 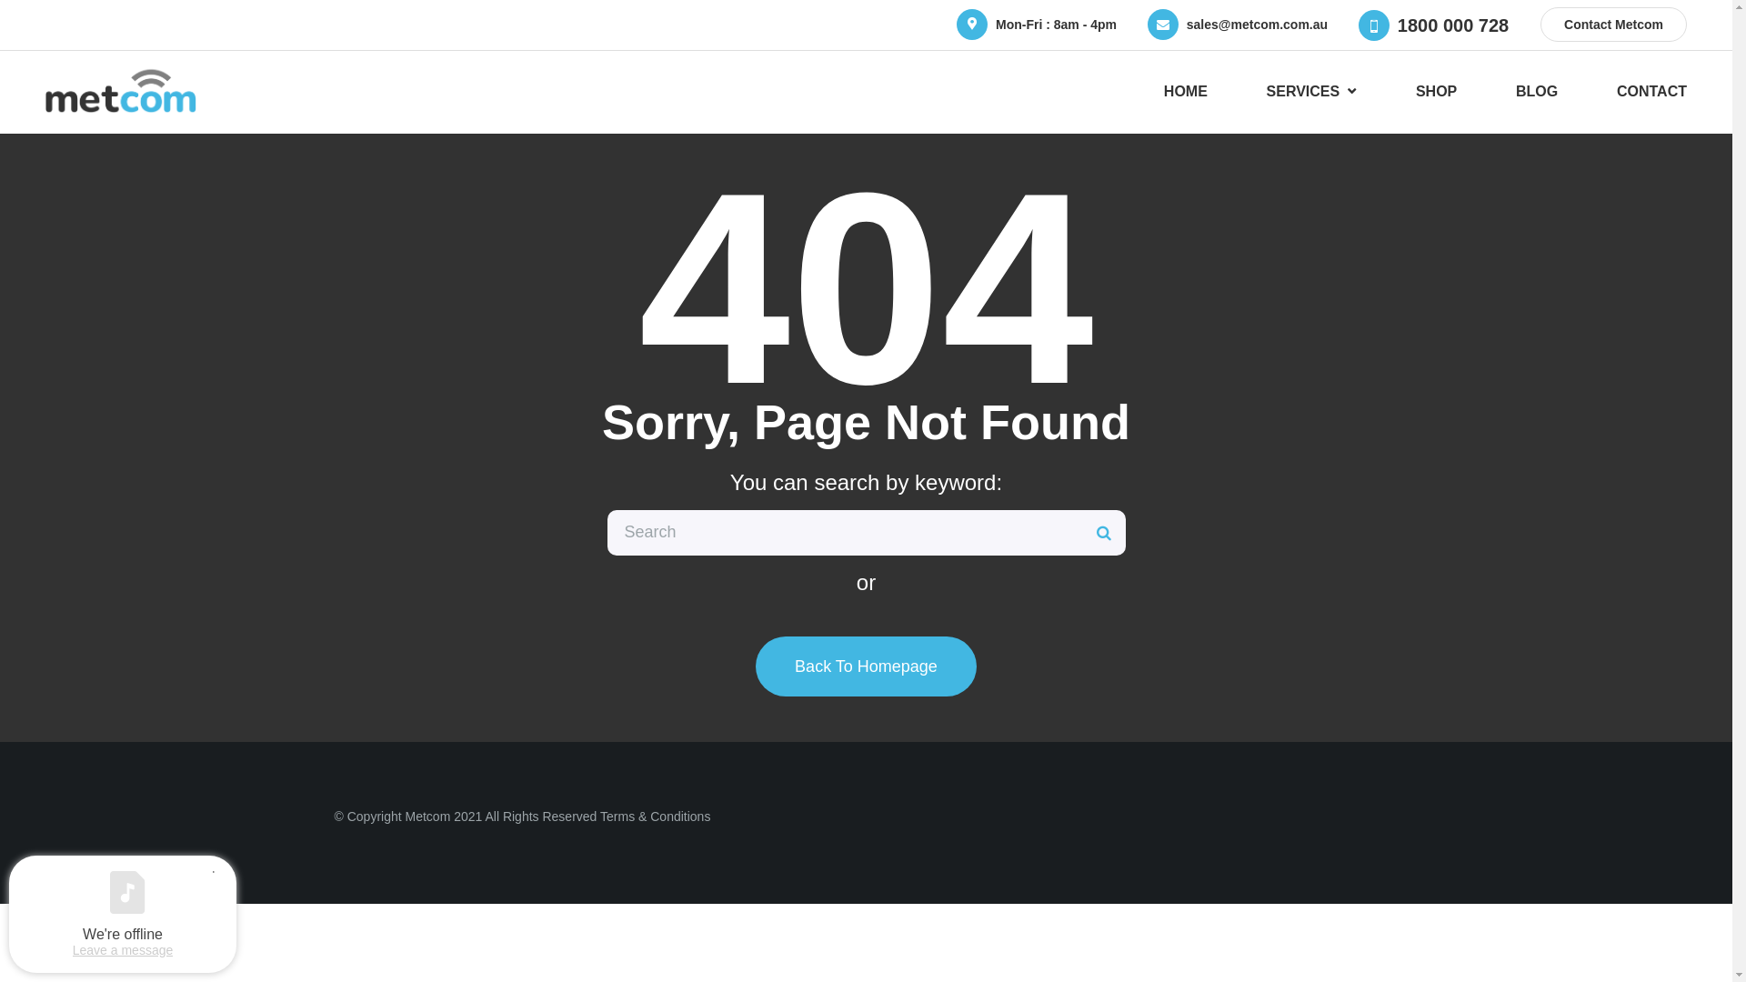 I want to click on 'Terms & Conditions', so click(x=600, y=816).